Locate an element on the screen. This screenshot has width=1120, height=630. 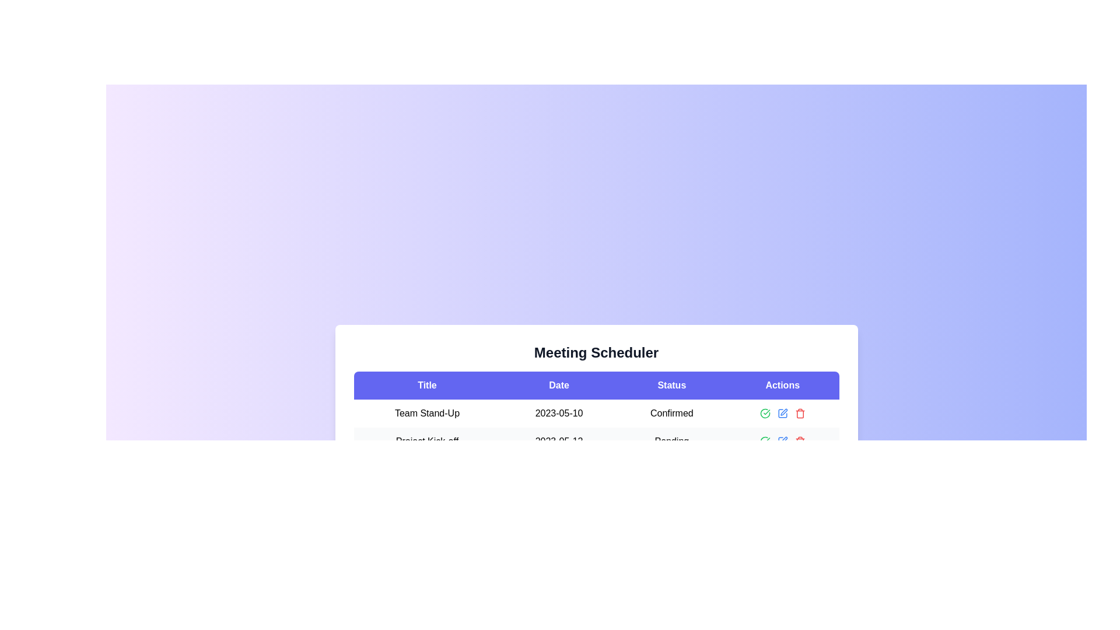
text of the table header cell indicating date-related information, which is the second cell in a row of four under the 'Meeting Scheduler' heading is located at coordinates (558, 385).